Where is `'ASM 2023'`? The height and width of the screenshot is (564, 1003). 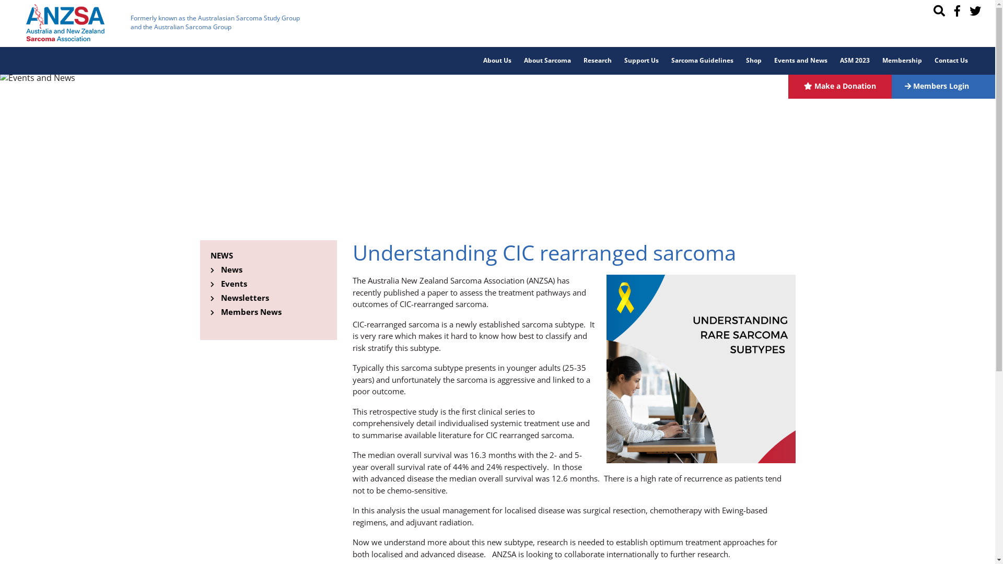
'ASM 2023' is located at coordinates (855, 61).